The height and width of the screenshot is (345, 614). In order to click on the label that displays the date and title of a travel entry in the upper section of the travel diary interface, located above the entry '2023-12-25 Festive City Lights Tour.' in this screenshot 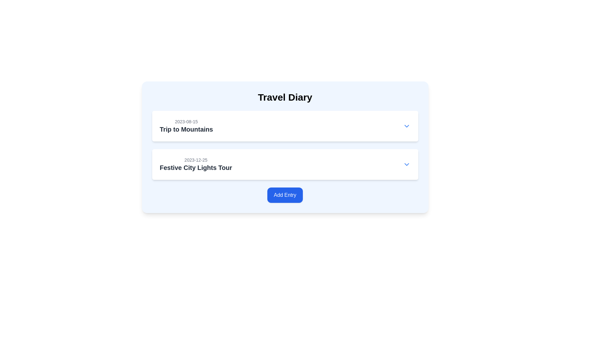, I will do `click(186, 126)`.